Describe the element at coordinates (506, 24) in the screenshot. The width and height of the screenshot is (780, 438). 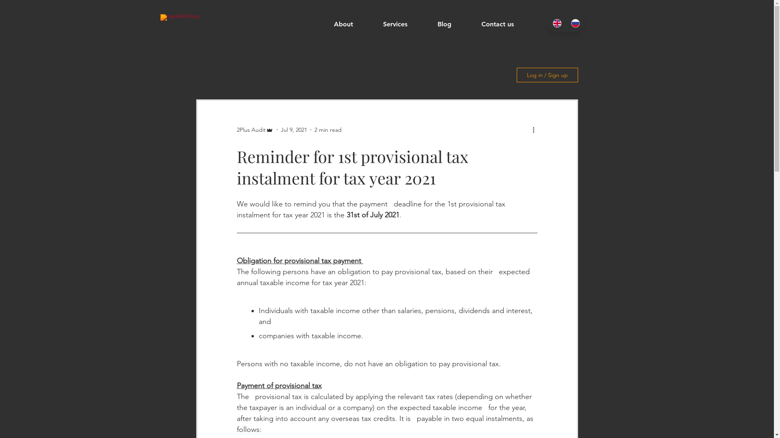
I see `'Contact us'` at that location.